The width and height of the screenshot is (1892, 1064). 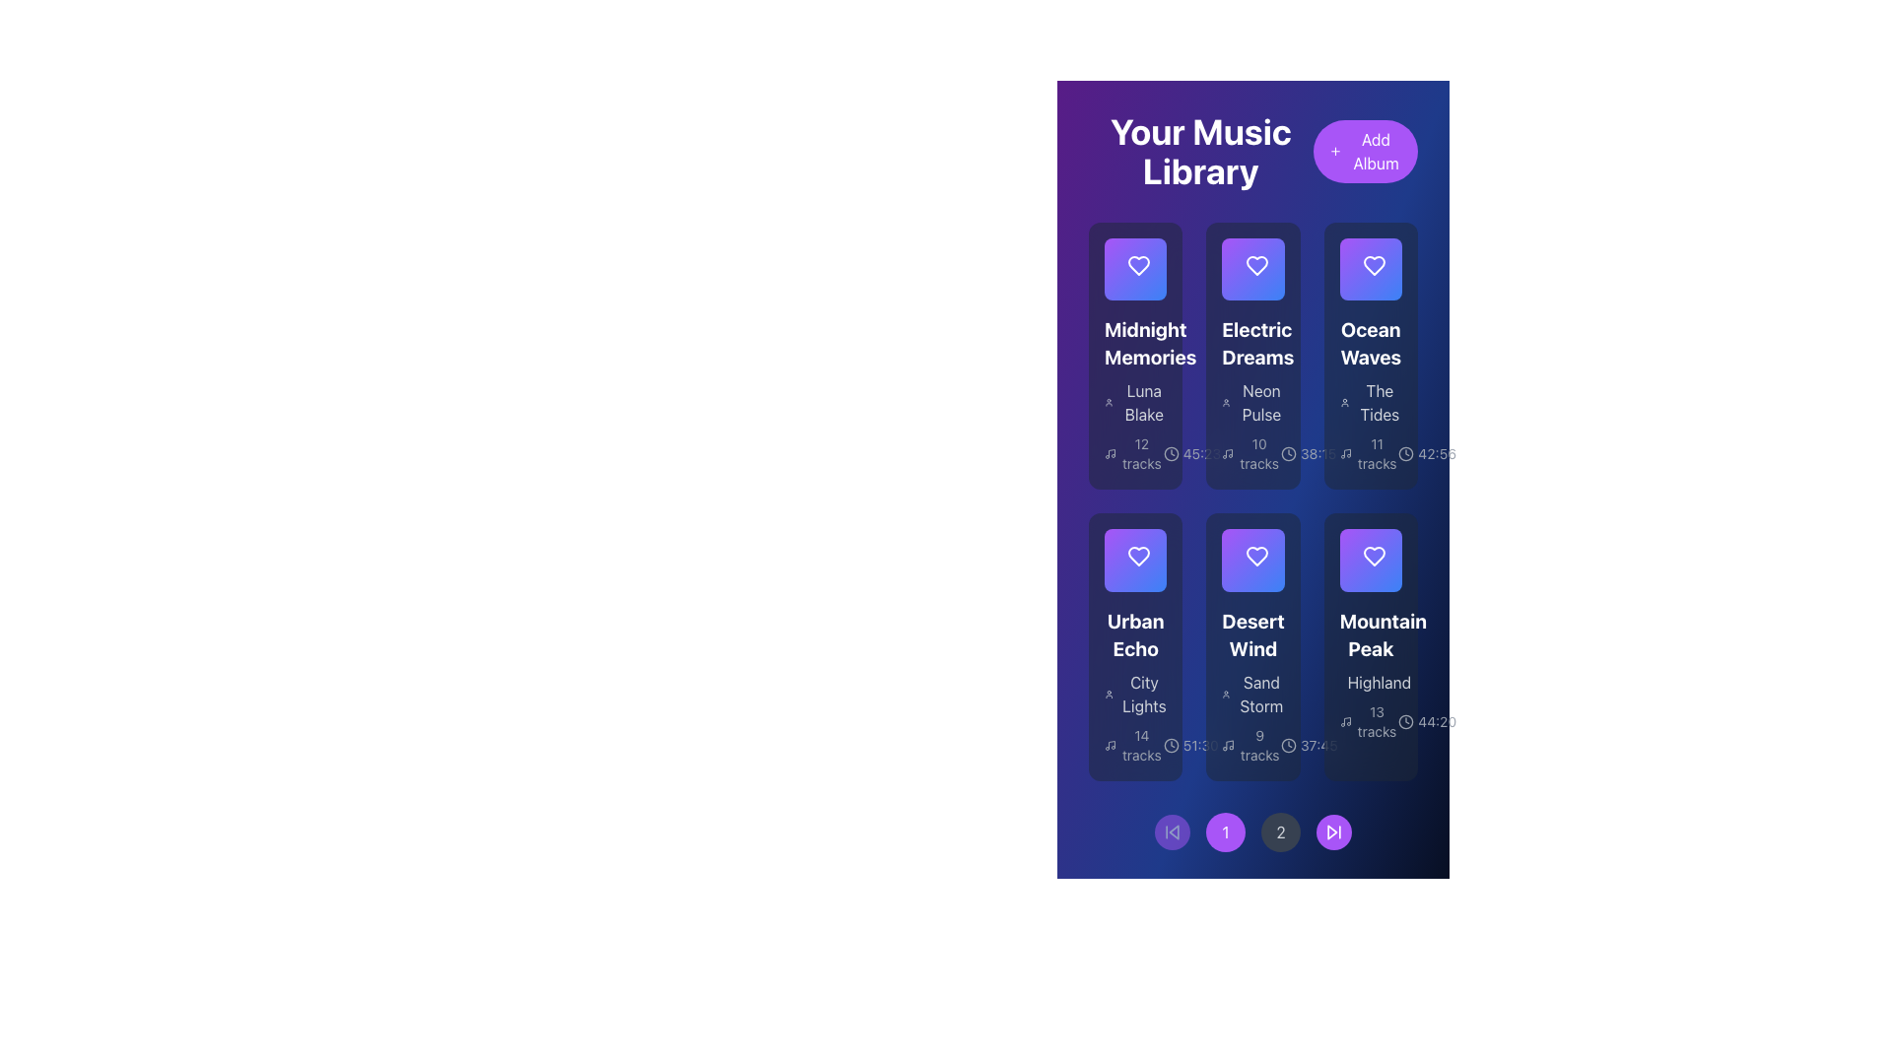 I want to click on the label indicating the artist of the album 'Midnight Memories', which is located directly beneath the album title in the top-left position of the album card grid layout, so click(x=1135, y=395).